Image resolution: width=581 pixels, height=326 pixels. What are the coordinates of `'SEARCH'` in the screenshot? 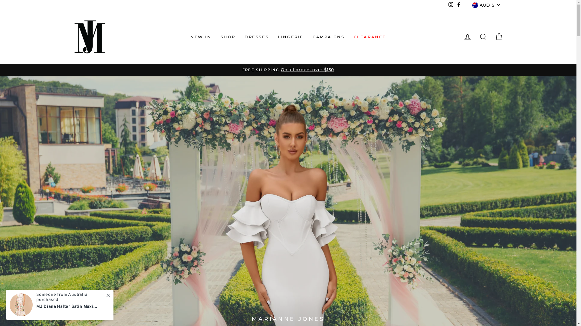 It's located at (483, 37).